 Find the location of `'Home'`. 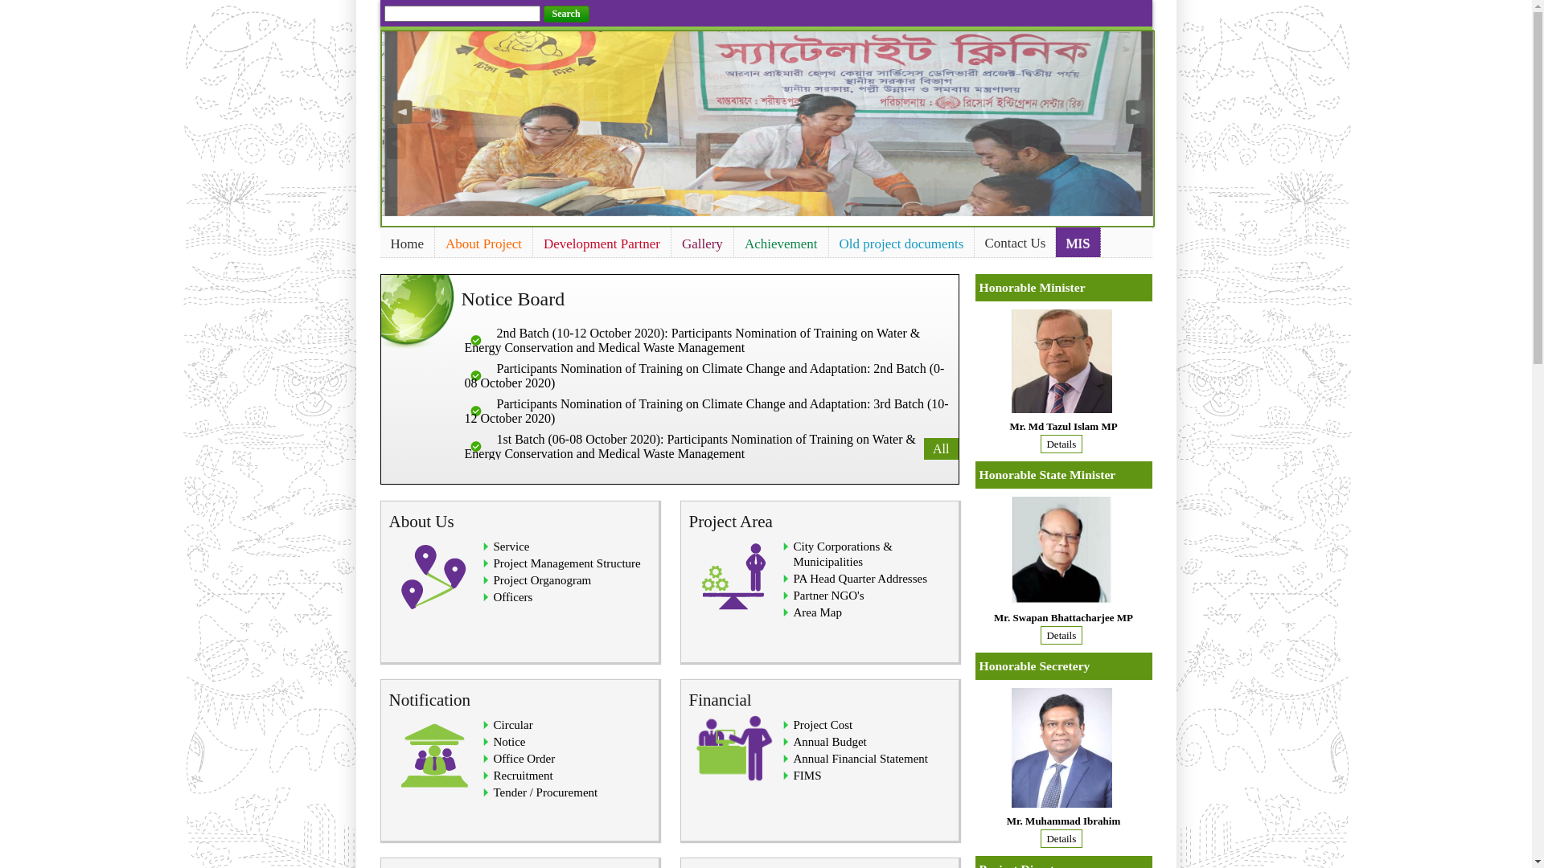

'Home' is located at coordinates (406, 244).